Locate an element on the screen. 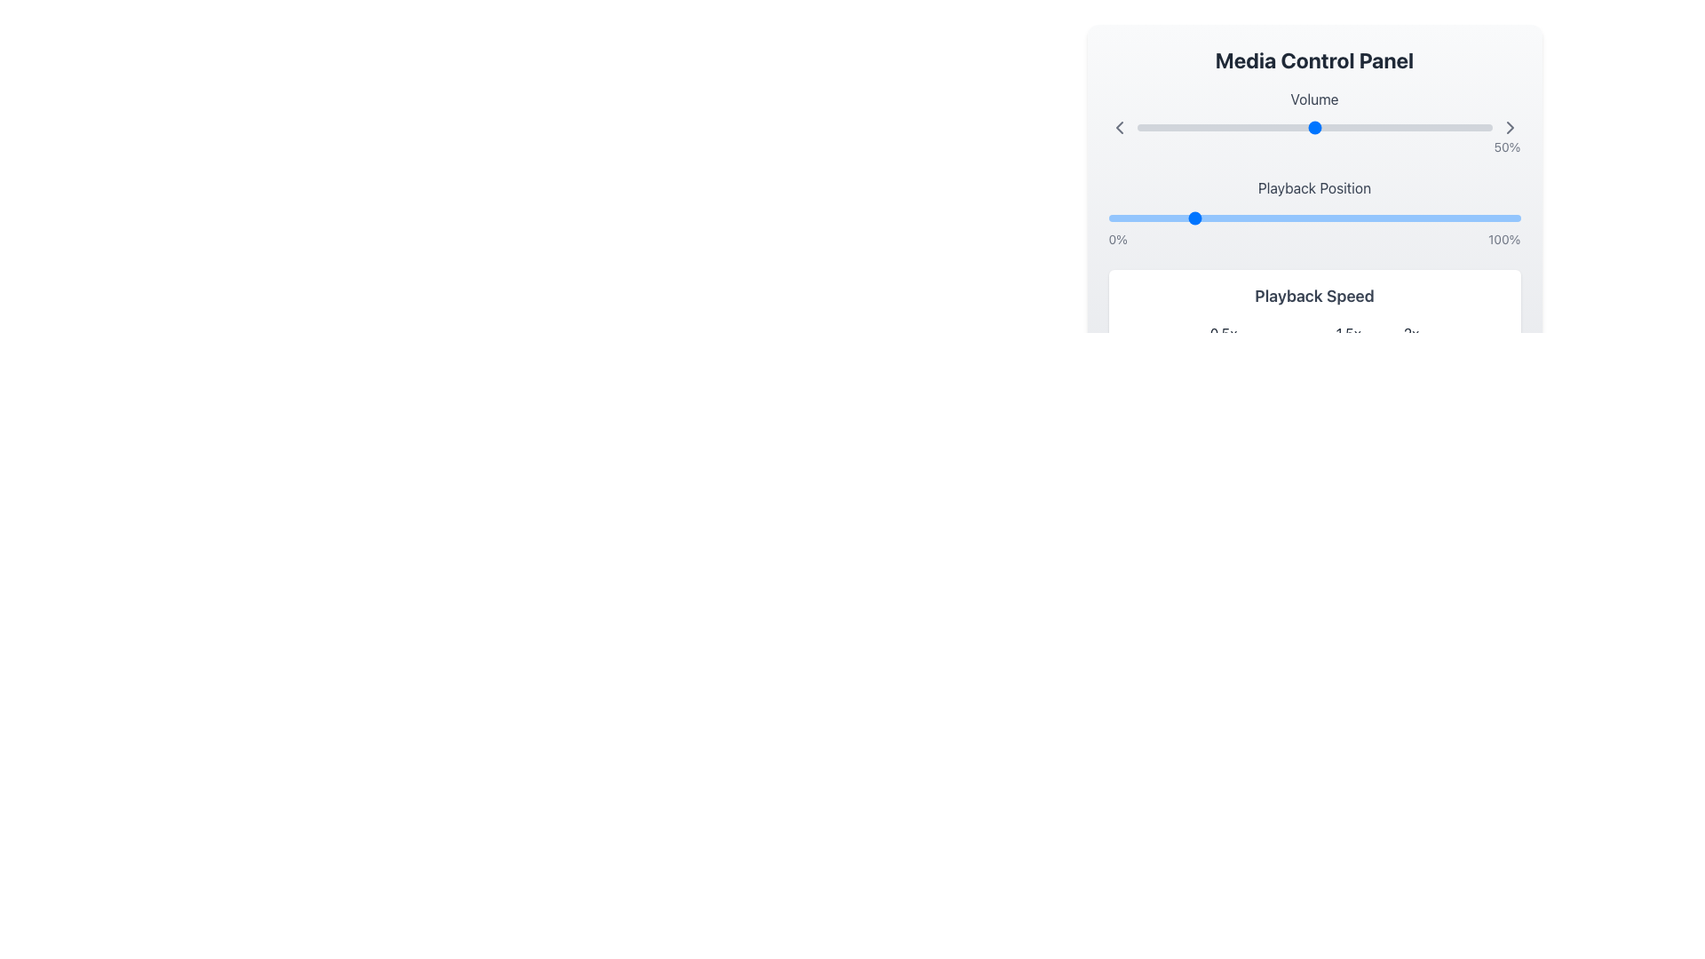  the playback position is located at coordinates (1354, 218).